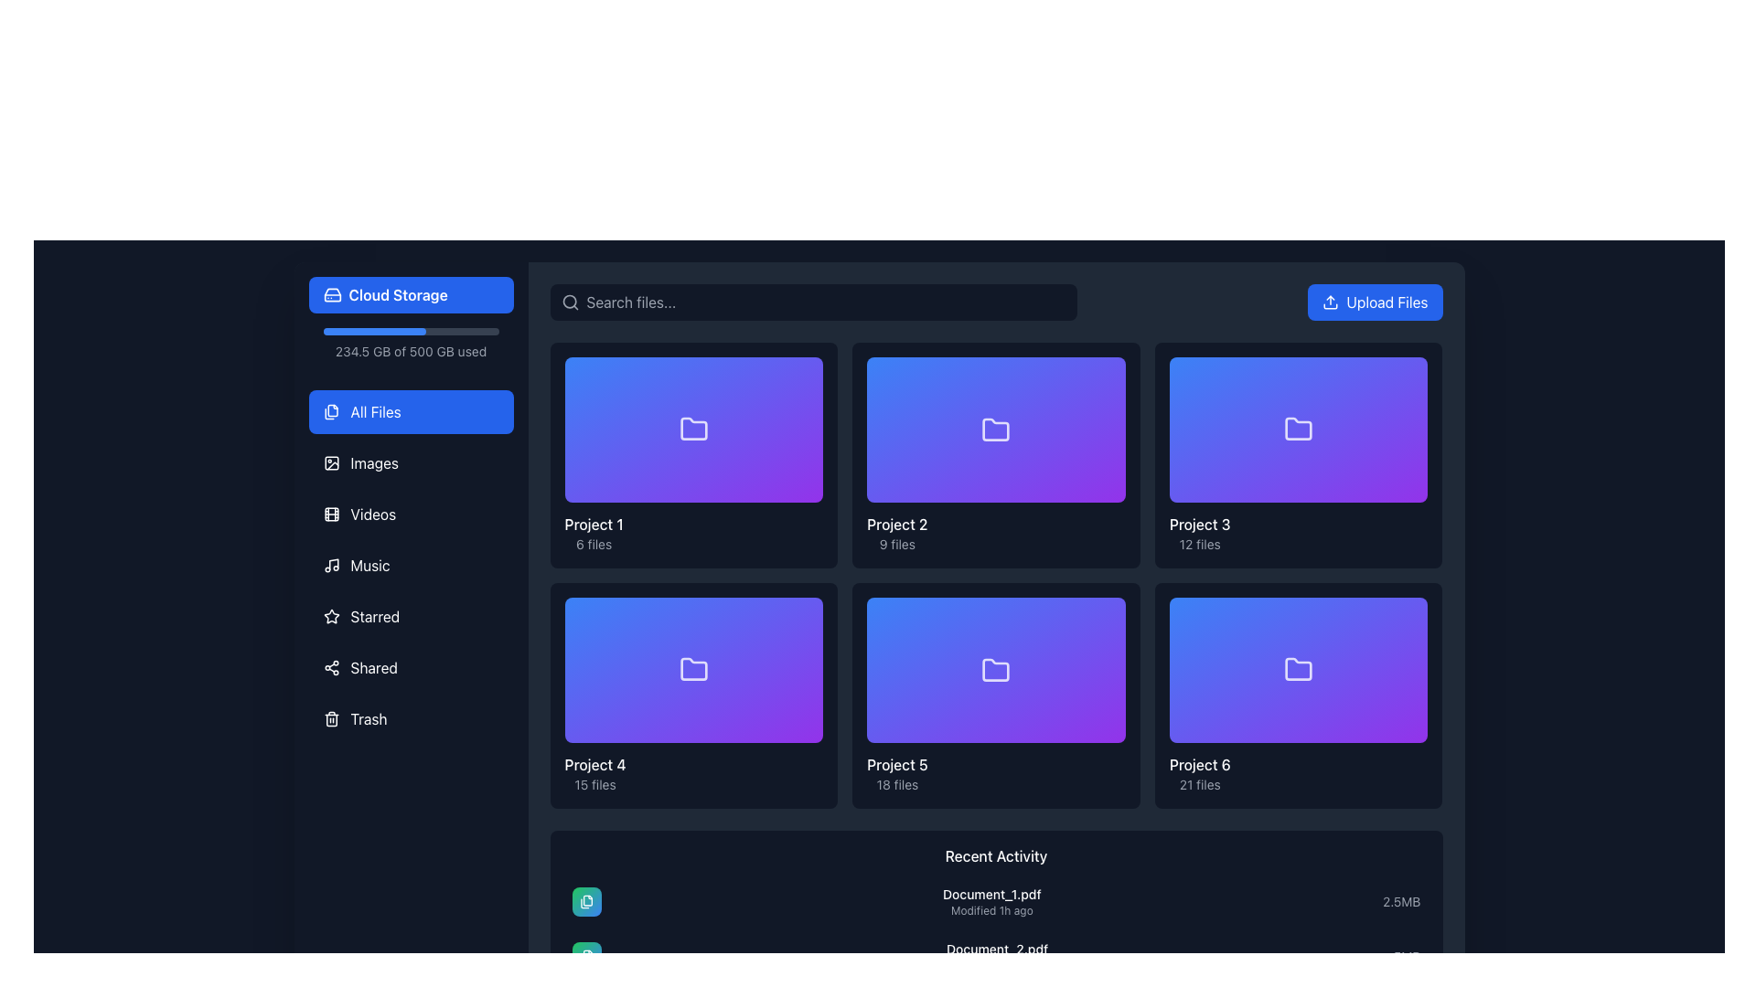 The height and width of the screenshot is (987, 1756). What do you see at coordinates (897, 533) in the screenshot?
I see `the text block labeled 'Project 2' which provides information about the project folder and its files` at bounding box center [897, 533].